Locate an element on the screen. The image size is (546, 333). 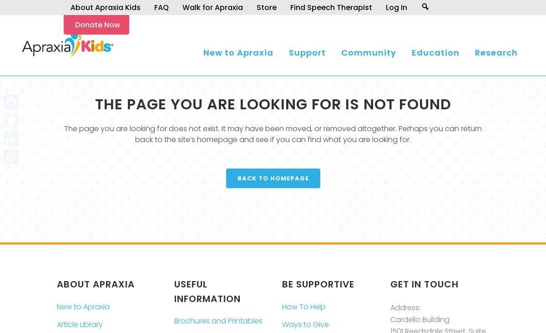
'The page you are looking for does not exist. It may have been moved, or removed altogether. Perhaps you can return back to the site’s homepage and see if you can find what you are looking for.' is located at coordinates (273, 133).